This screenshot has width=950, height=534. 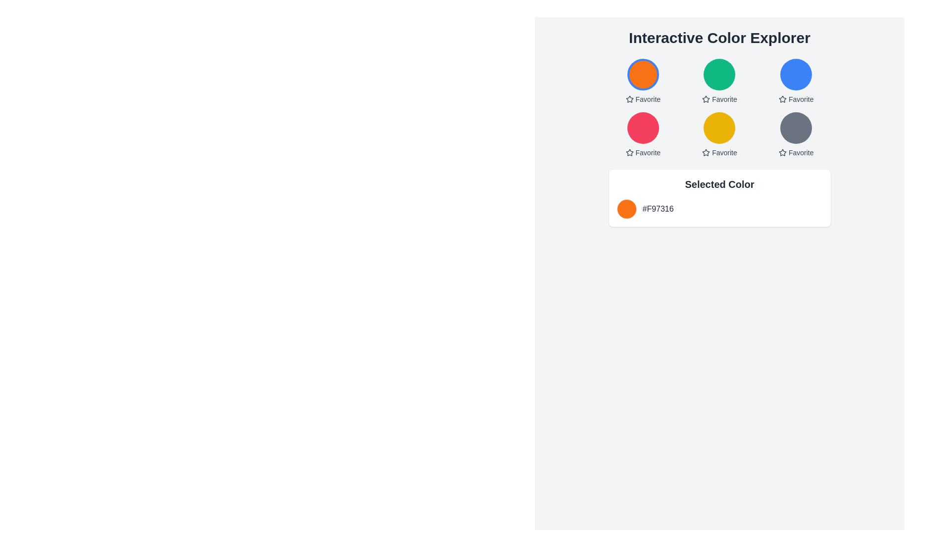 I want to click on the interactive color selection button located in the second row, second column of the 3x3 grid in the 'Interactive Color Explorer' section, so click(x=719, y=108).